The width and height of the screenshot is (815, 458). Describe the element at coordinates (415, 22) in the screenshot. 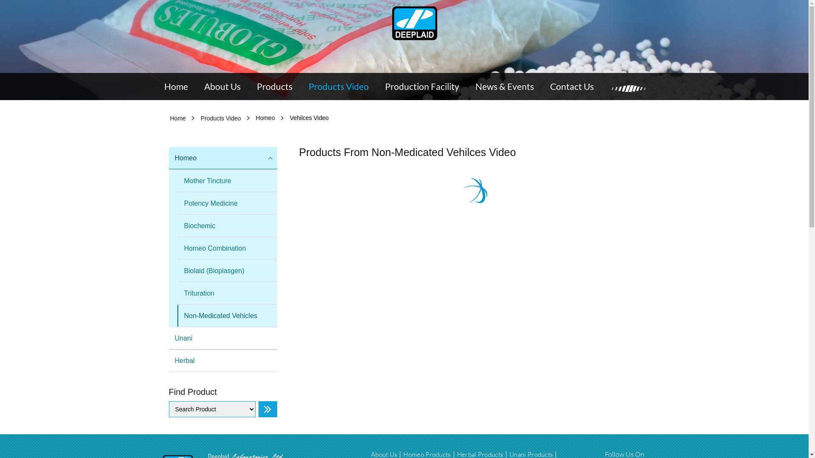

I see `' '` at that location.